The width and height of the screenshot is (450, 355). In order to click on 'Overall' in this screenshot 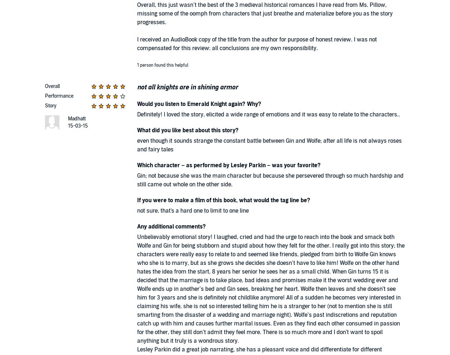, I will do `click(45, 86)`.